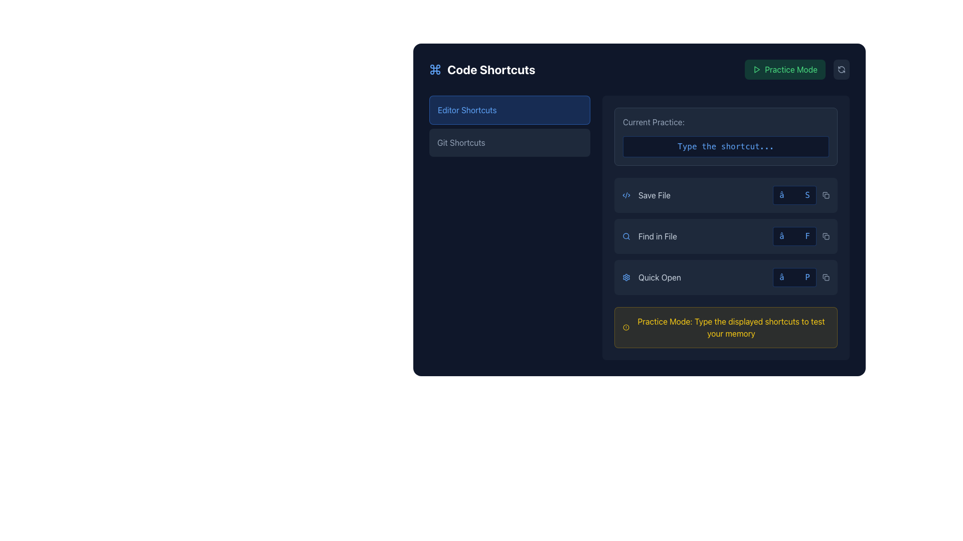 The width and height of the screenshot is (963, 541). I want to click on the interactive icon located near the upper-left corner of the interface, adjacent to the title text labeled 'Code Shortcuts', so click(435, 69).